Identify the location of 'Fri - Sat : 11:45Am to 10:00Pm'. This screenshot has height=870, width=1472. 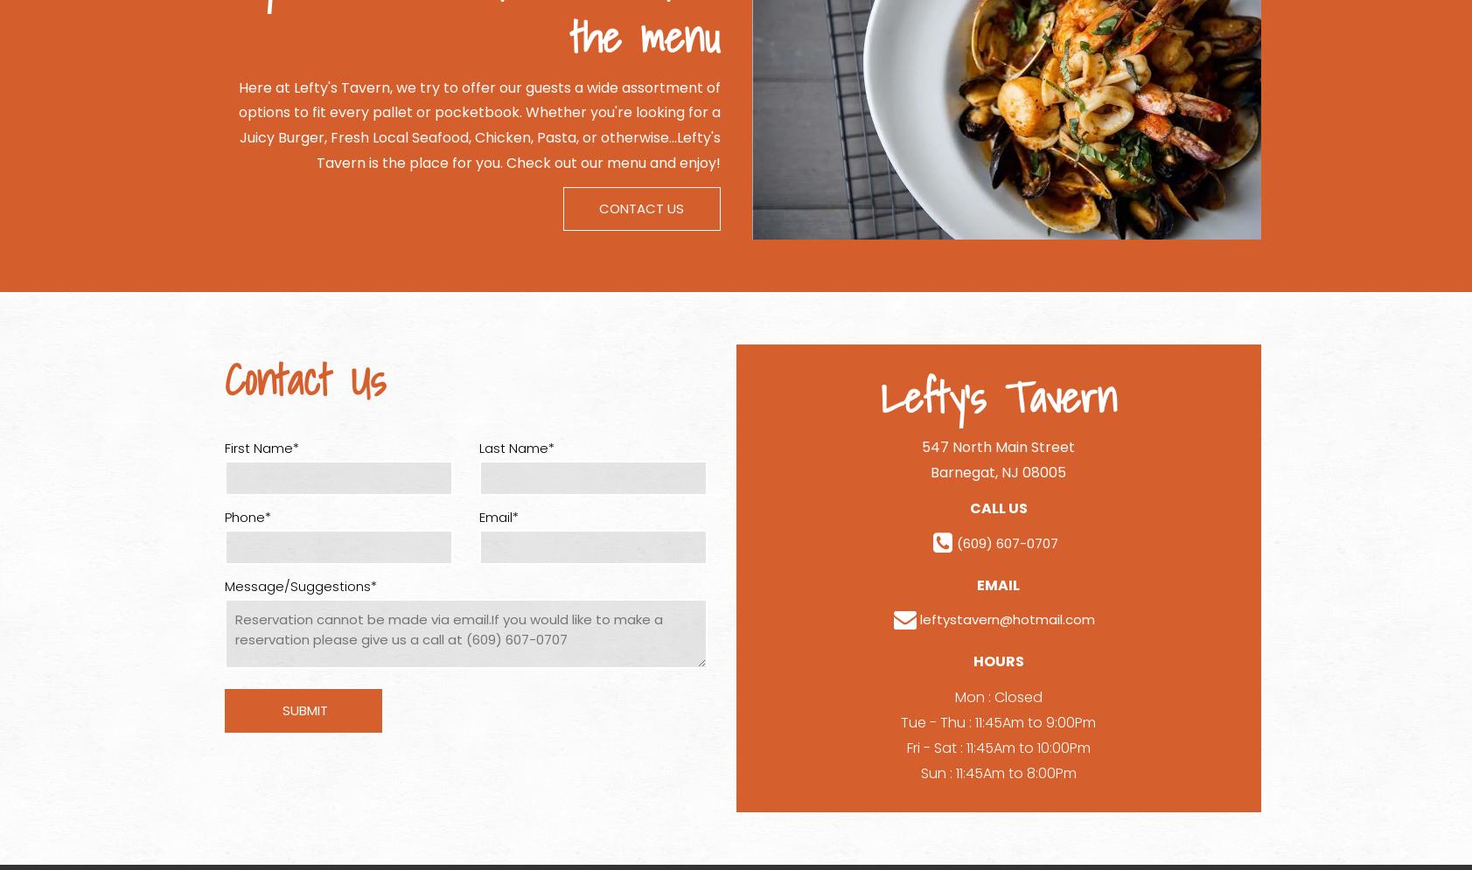
(997, 747).